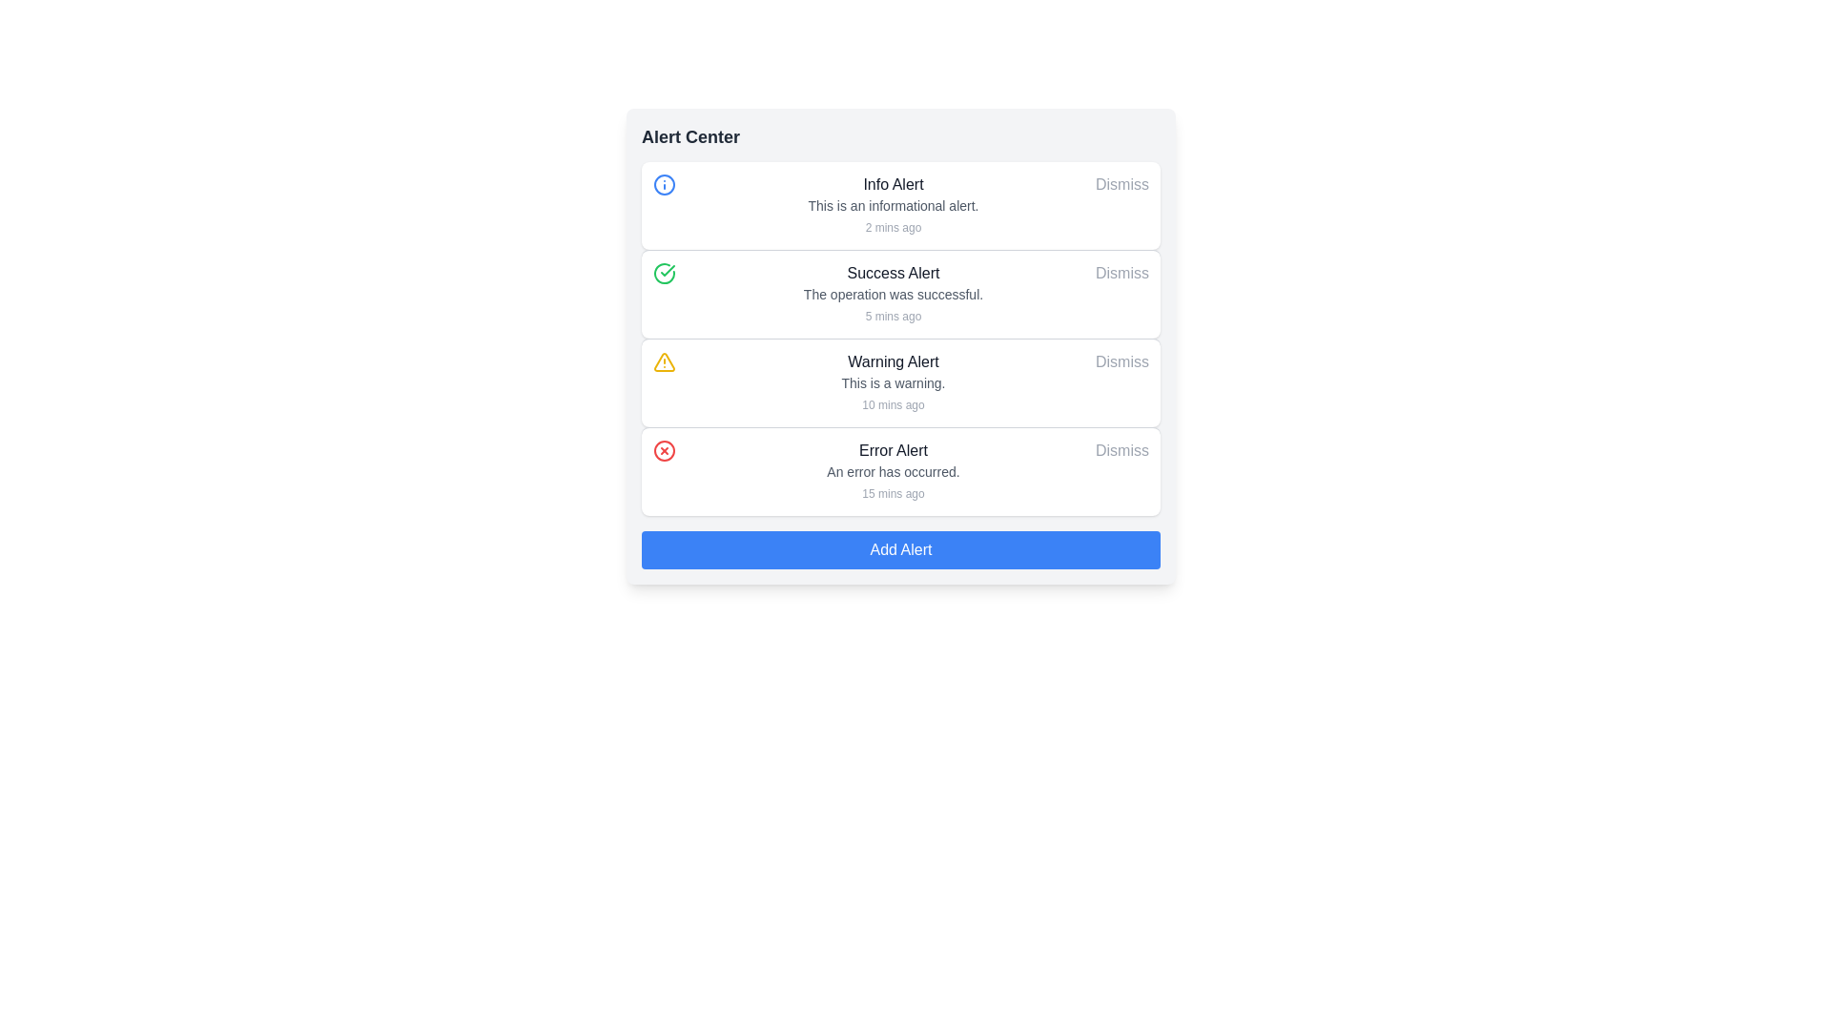 The image size is (1831, 1030). What do you see at coordinates (892, 451) in the screenshot?
I see `the 'Error Alert' text label, which is styled in bold, medium font size, and dark gray color, located in the fourth alert item of the 'Alert Center' interface` at bounding box center [892, 451].